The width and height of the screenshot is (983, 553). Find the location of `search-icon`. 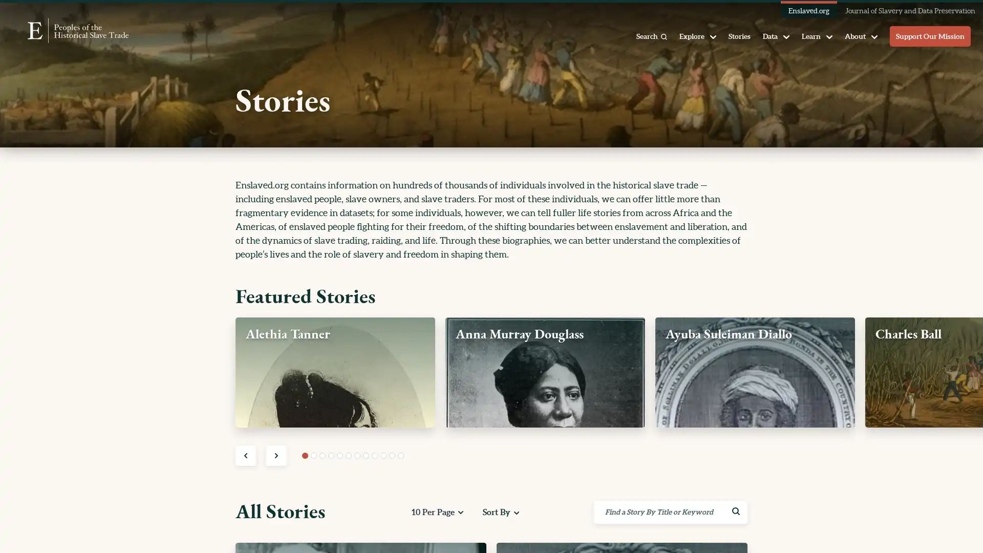

search-icon is located at coordinates (735, 512).